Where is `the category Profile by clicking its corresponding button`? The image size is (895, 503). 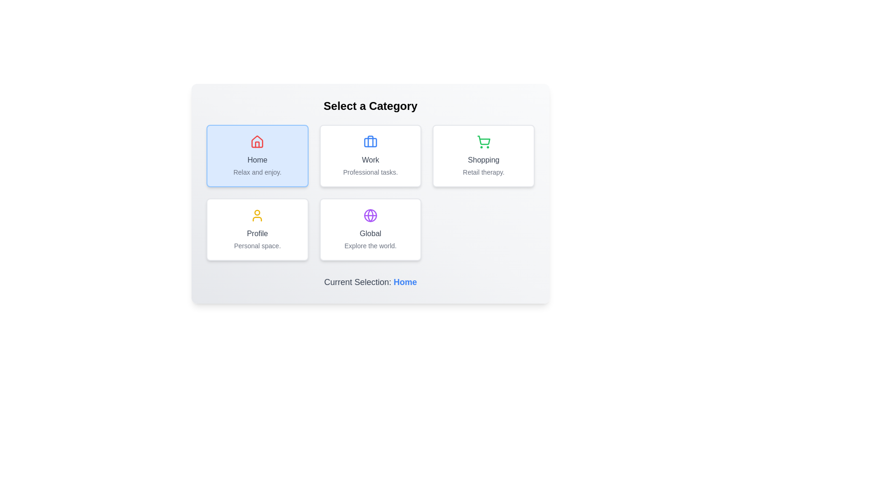 the category Profile by clicking its corresponding button is located at coordinates (257, 230).